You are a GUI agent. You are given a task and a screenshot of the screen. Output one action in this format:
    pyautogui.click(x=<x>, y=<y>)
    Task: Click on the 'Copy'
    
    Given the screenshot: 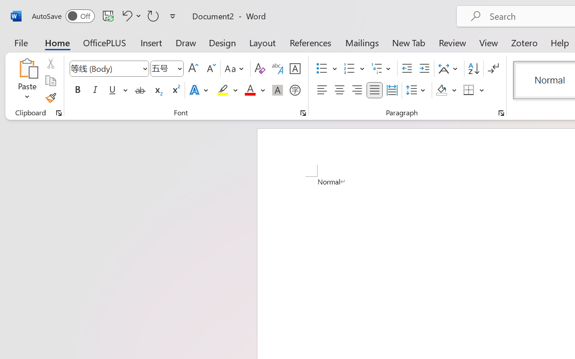 What is the action you would take?
    pyautogui.click(x=50, y=80)
    